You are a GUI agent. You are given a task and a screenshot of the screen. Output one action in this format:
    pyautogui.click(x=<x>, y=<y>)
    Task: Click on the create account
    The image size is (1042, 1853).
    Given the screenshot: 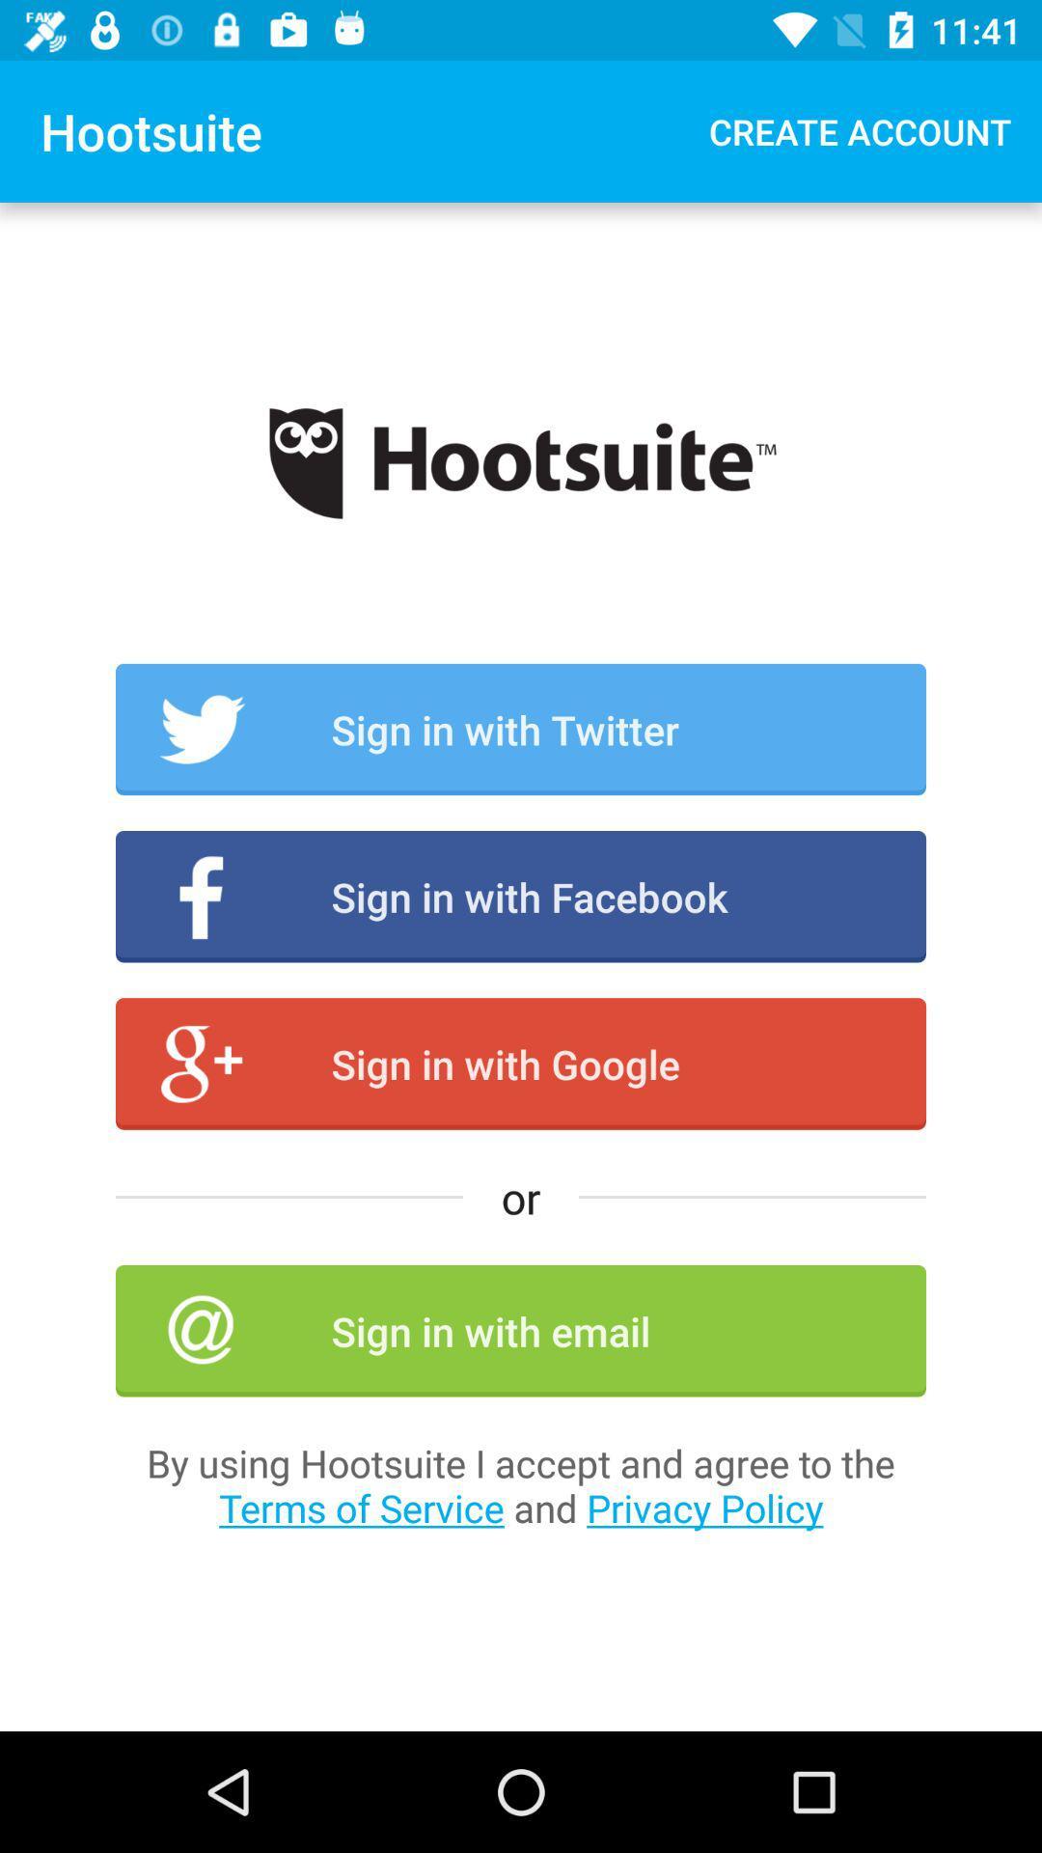 What is the action you would take?
    pyautogui.click(x=859, y=130)
    